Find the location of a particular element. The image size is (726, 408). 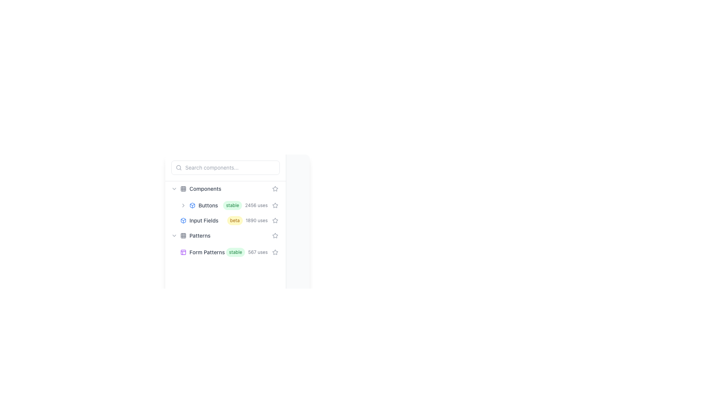

the star-shaped non-interactive SVG icon located to the right of the 'Input Fields' text in the horizontal list view is located at coordinates (275, 188).